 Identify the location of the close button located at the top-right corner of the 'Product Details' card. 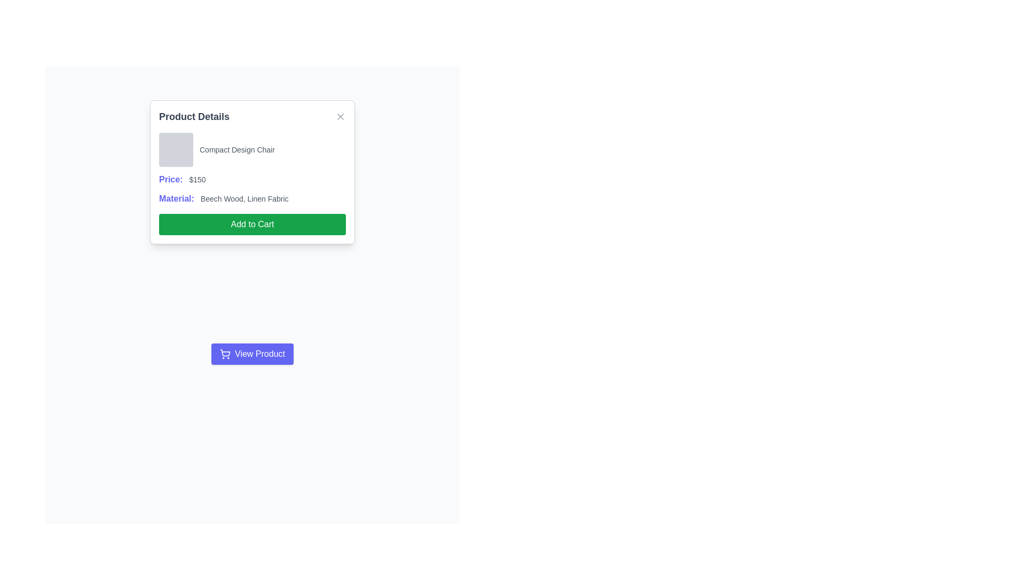
(340, 117).